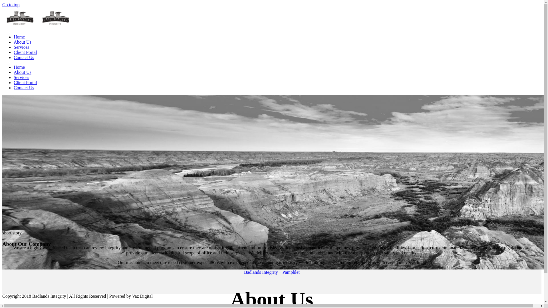 This screenshot has height=308, width=548. What do you see at coordinates (23, 57) in the screenshot?
I see `'Contact Us'` at bounding box center [23, 57].